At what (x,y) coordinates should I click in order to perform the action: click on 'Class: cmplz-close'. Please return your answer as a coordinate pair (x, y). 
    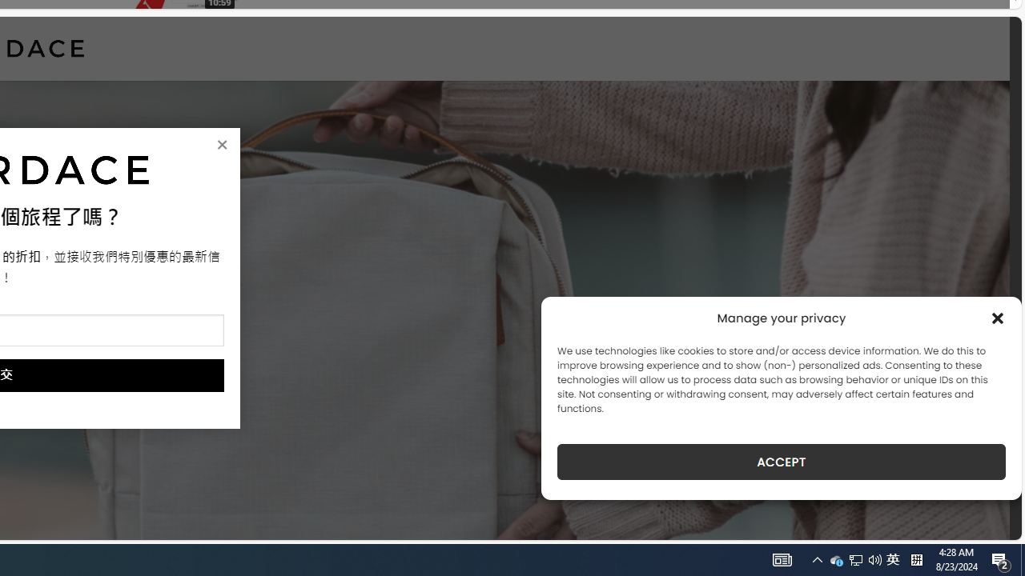
    Looking at the image, I should click on (997, 318).